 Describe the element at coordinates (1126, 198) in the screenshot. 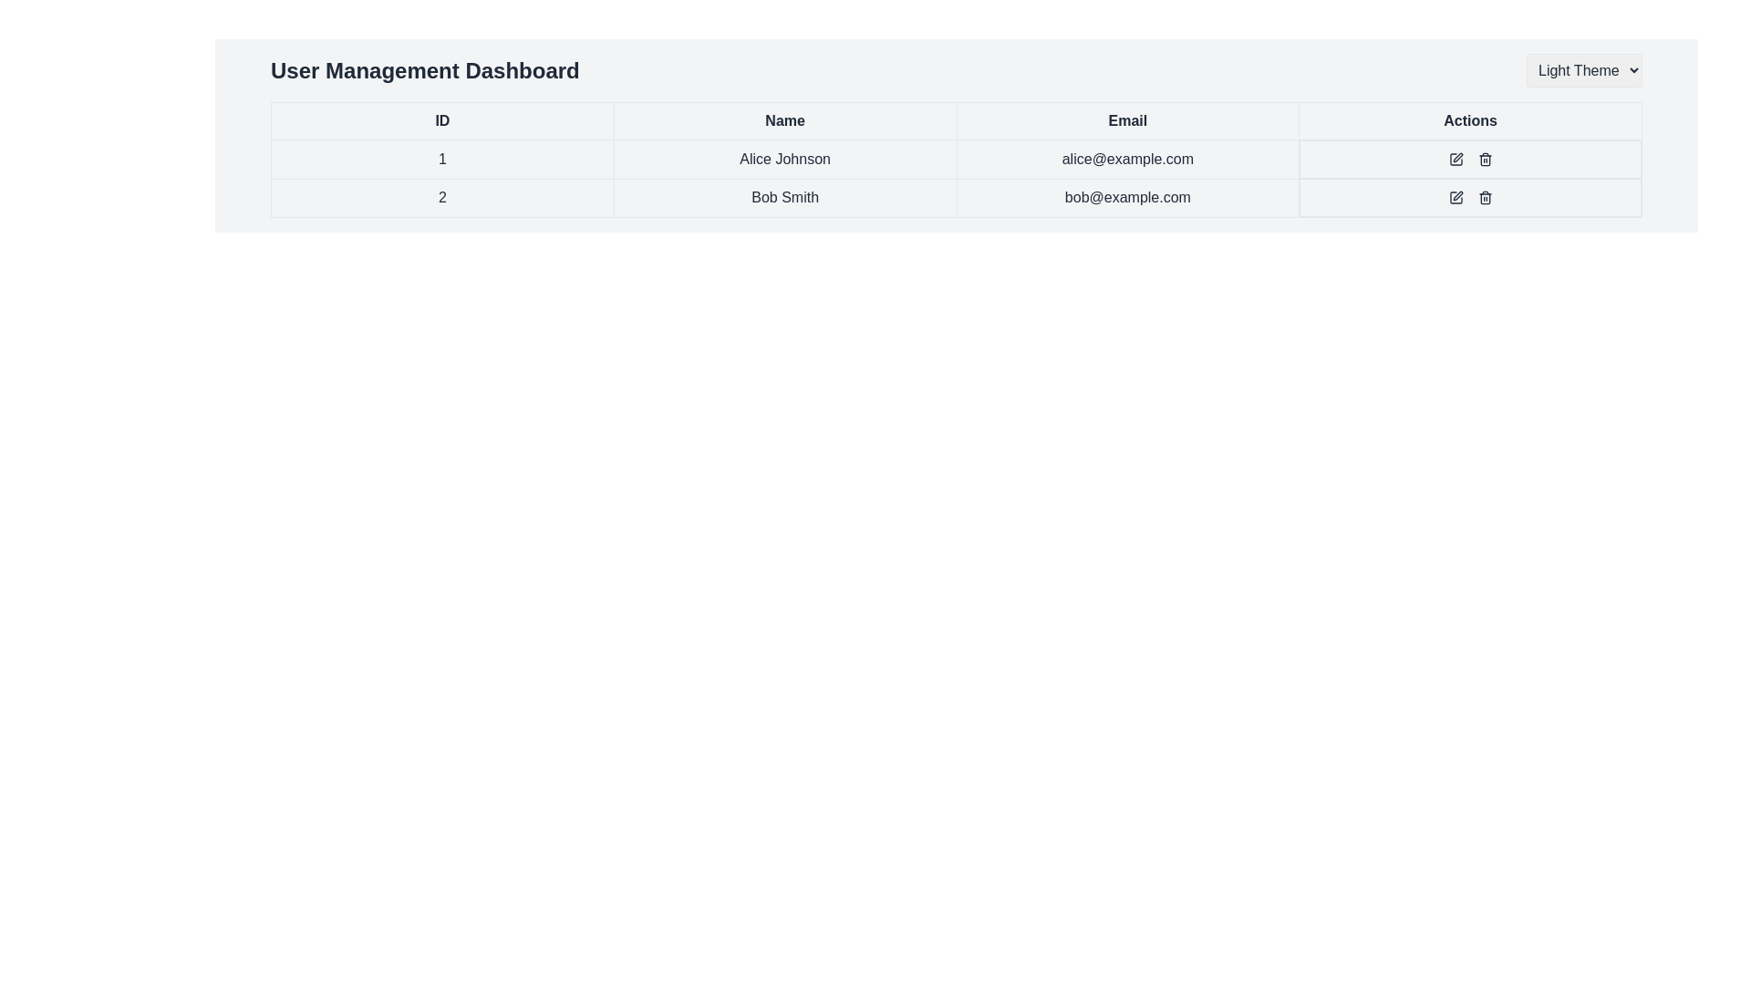

I see `the text field displaying the email address 'bob@example.com', which is styled with a bordered design and located under the 'Email' column in the table row for user 'Bob Smith'` at that location.